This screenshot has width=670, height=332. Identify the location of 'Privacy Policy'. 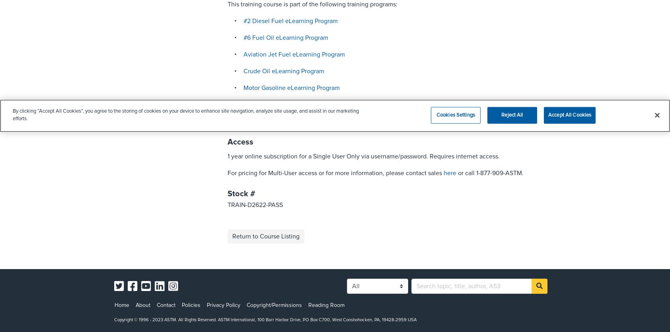
(206, 305).